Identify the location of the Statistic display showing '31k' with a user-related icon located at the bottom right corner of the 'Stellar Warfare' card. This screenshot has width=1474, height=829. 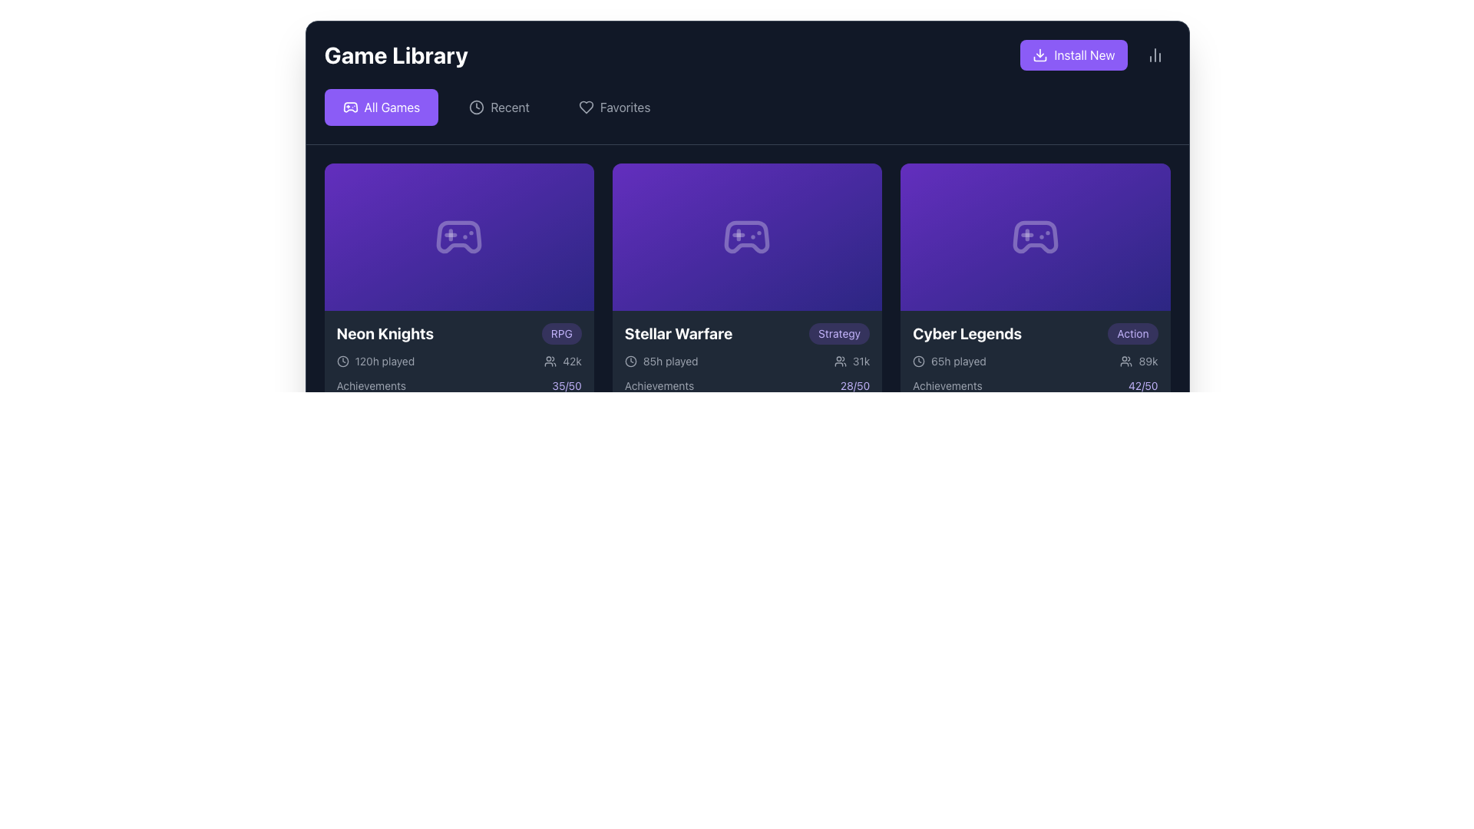
(851, 361).